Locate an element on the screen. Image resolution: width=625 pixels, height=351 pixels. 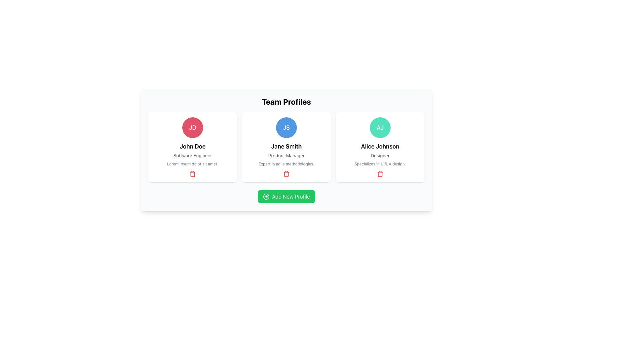
the text label that states 'Expert in agile methodologies.' located beneath the 'Jane Smith' profile card is located at coordinates (286, 164).